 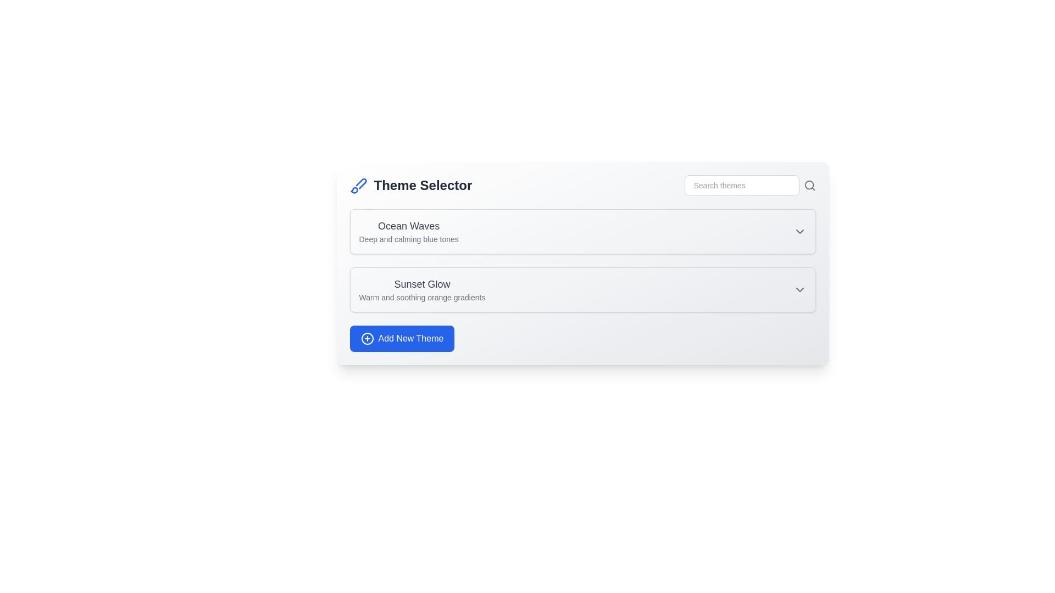 What do you see at coordinates (367, 338) in the screenshot?
I see `the circular icon with a plus symbol inside the 'Add New Theme' button` at bounding box center [367, 338].